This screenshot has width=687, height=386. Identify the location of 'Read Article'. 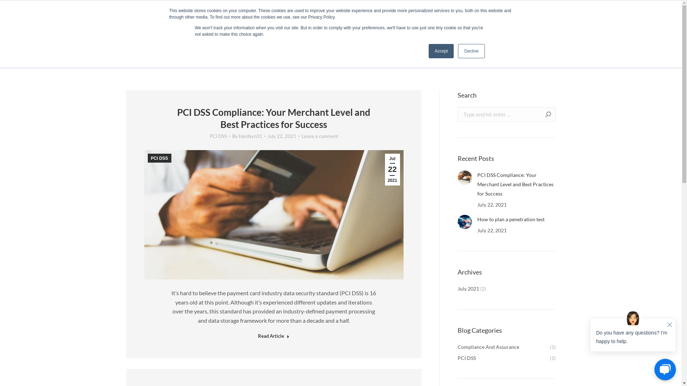
(273, 337).